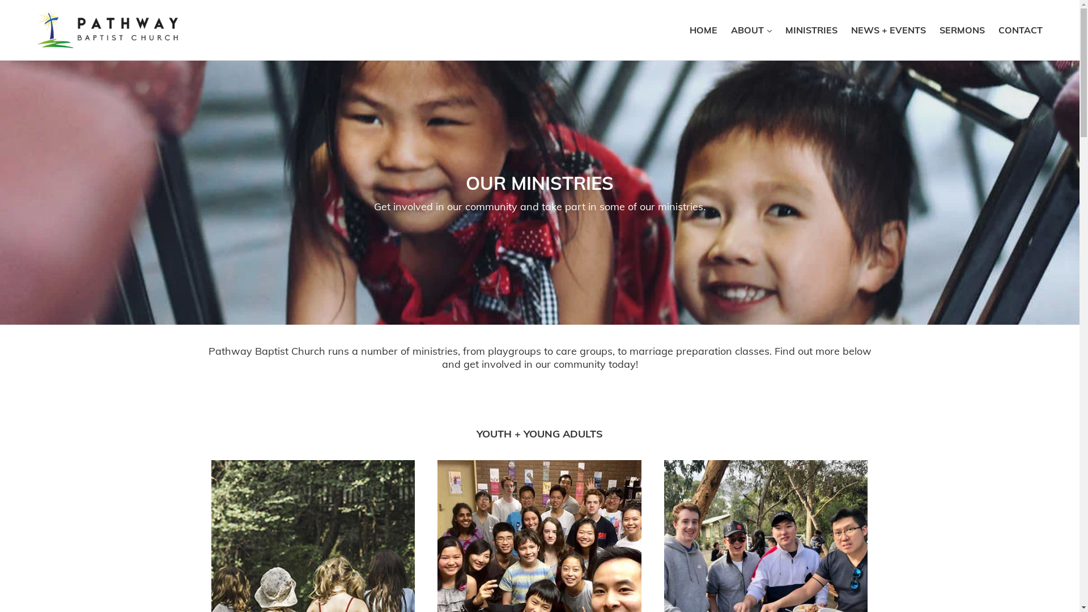 The width and height of the screenshot is (1088, 612). What do you see at coordinates (683, 29) in the screenshot?
I see `'HOME'` at bounding box center [683, 29].